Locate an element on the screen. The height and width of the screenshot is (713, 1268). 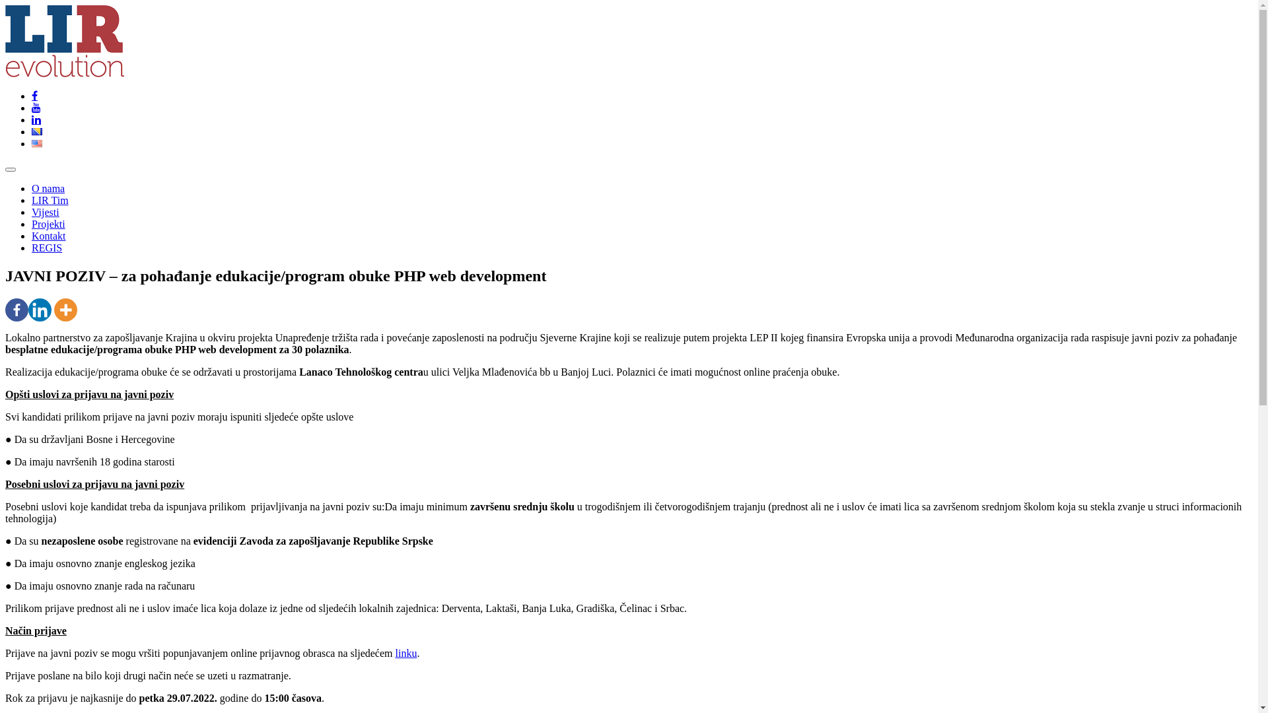
'Vijesti' is located at coordinates (32, 211).